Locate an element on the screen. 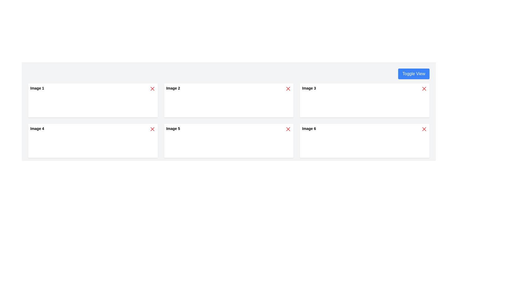 This screenshot has height=287, width=510. the label indicating 'Image 3' located in the top-left corner of the third card in the grid layout is located at coordinates (309, 88).